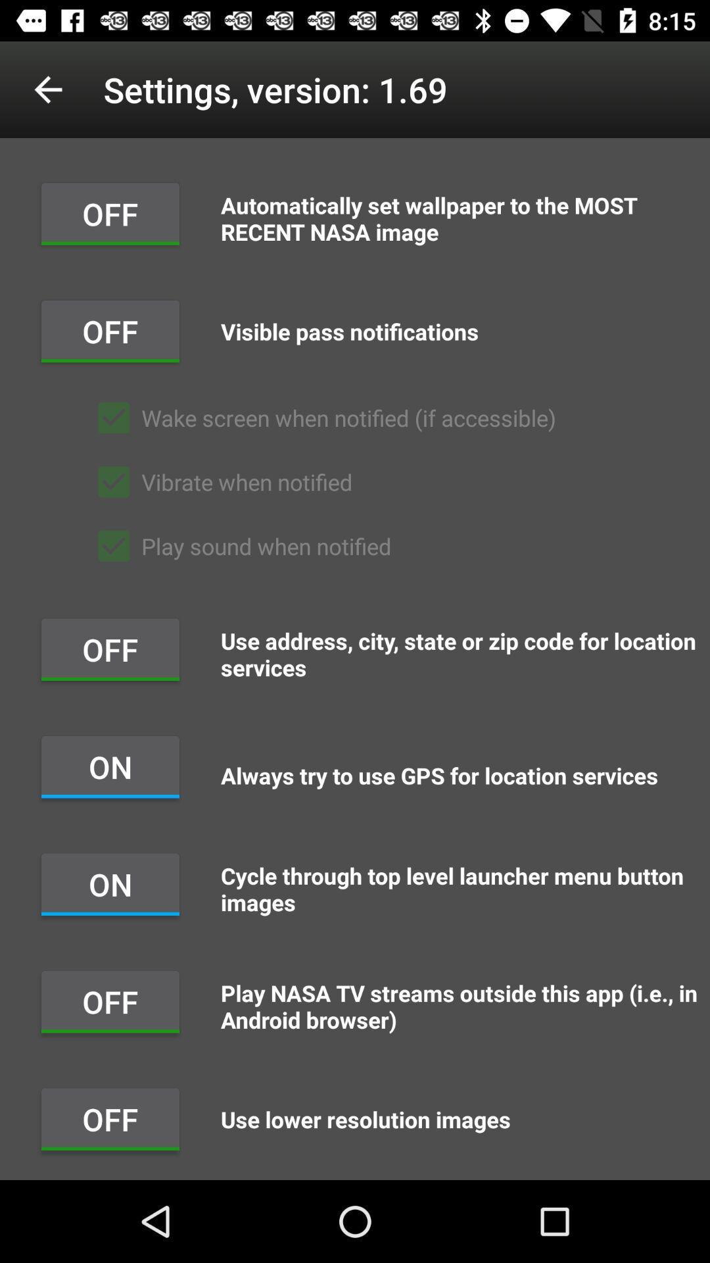  I want to click on the item below the vibrate when notified item, so click(239, 546).